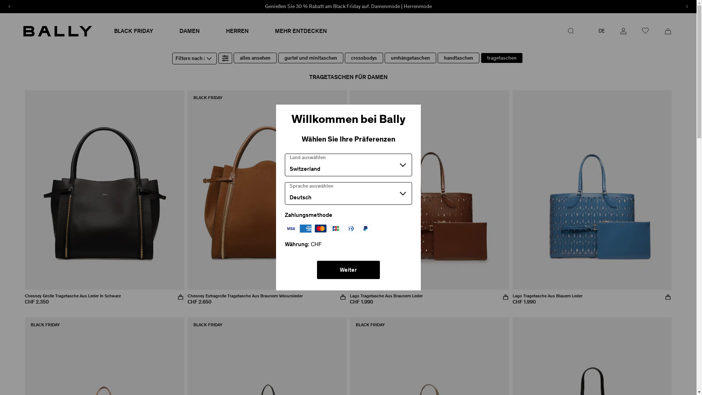 The width and height of the screenshot is (702, 395). What do you see at coordinates (189, 30) in the screenshot?
I see `'DAMEN'` at bounding box center [189, 30].